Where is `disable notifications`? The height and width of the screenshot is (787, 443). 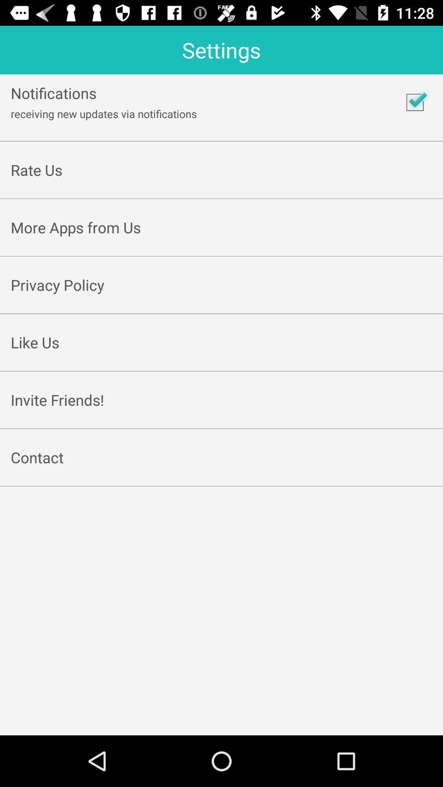 disable notifications is located at coordinates (415, 102).